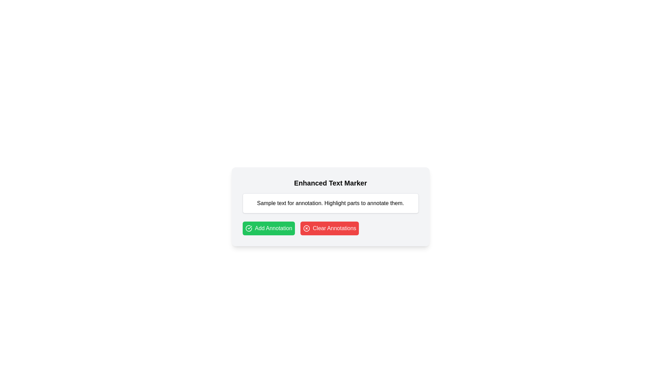 This screenshot has width=660, height=371. What do you see at coordinates (366, 203) in the screenshot?
I see `the whitespace character located between the words 'to' and 'annotate' within the text box that reads 'Sample text for annotation. Highlight parts to annotate them.'` at bounding box center [366, 203].